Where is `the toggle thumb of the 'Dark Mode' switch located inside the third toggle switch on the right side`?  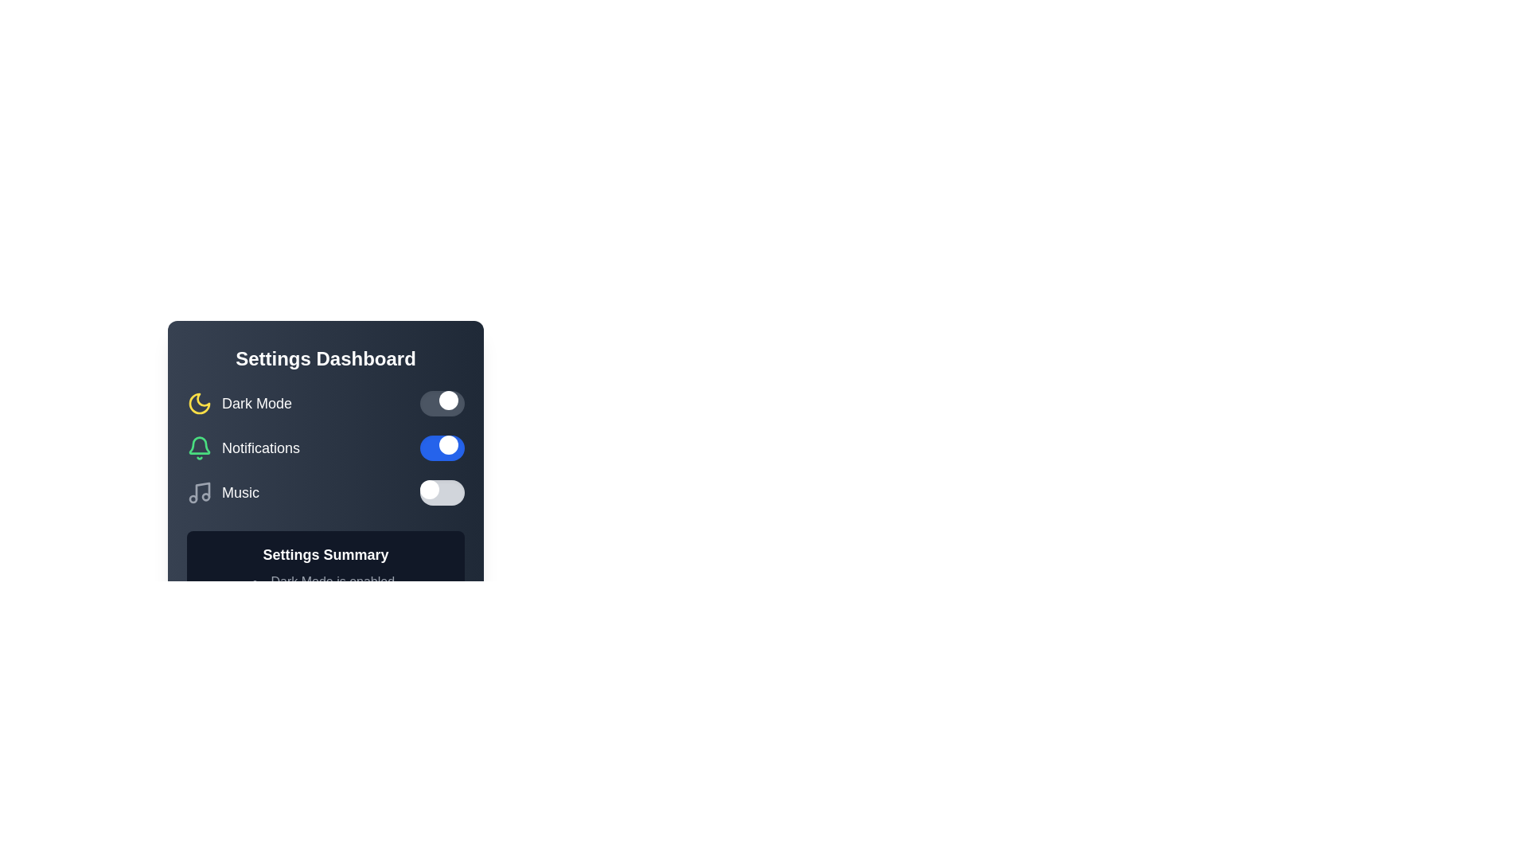 the toggle thumb of the 'Dark Mode' switch located inside the third toggle switch on the right side is located at coordinates (448, 399).